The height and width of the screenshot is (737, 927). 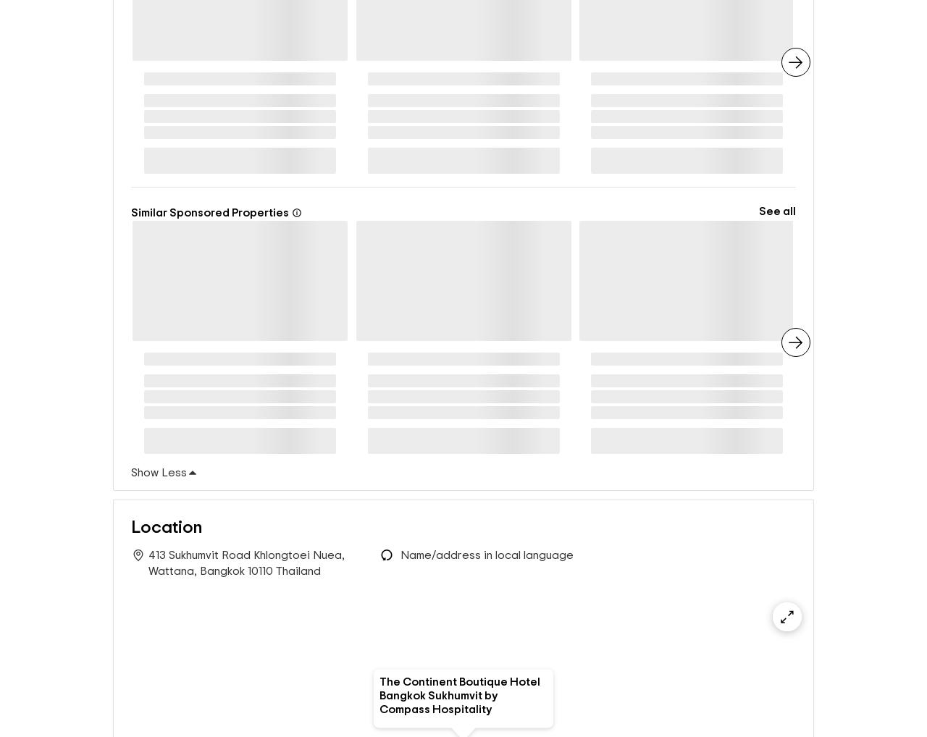 I want to click on 'Solaria Nishitetsu Hotel Bangkok', so click(x=590, y=363).